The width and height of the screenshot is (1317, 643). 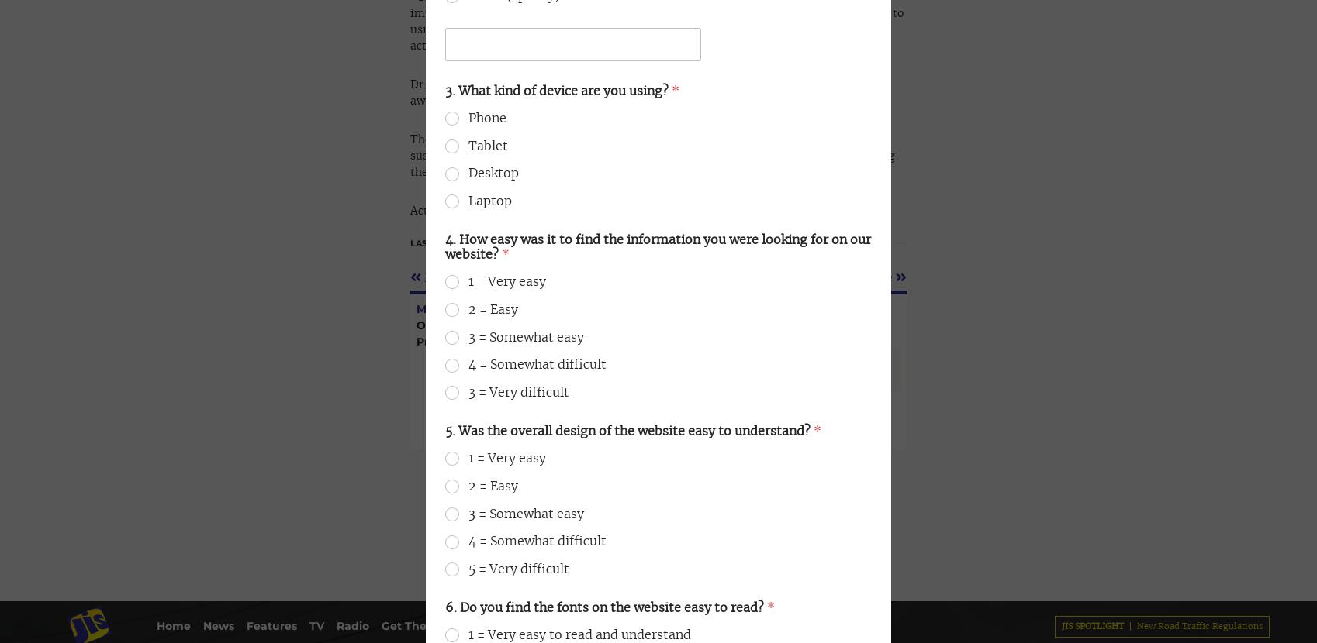 What do you see at coordinates (516, 90) in the screenshot?
I see `'Opposition Leader'` at bounding box center [516, 90].